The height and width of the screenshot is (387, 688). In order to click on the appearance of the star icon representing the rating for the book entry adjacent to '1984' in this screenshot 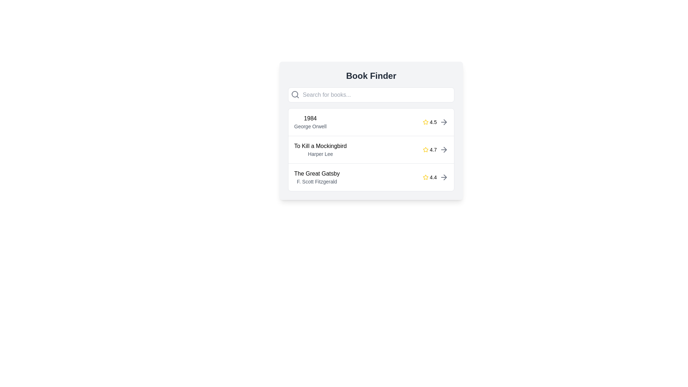, I will do `click(425, 177)`.